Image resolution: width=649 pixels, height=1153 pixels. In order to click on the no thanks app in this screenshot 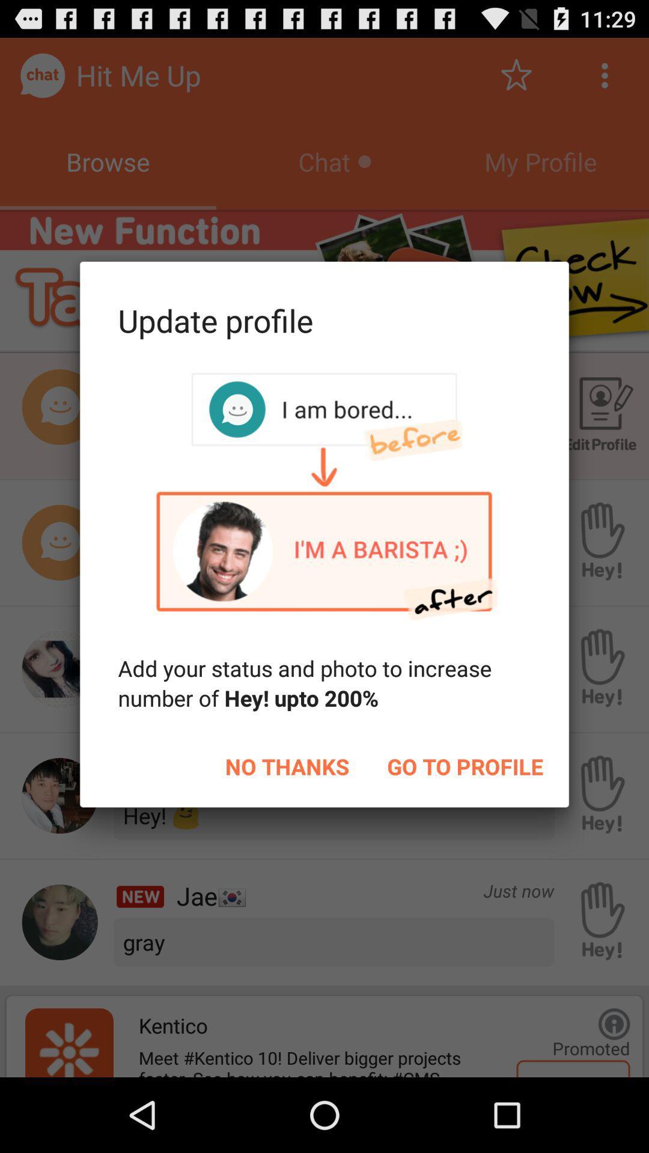, I will do `click(287, 766)`.